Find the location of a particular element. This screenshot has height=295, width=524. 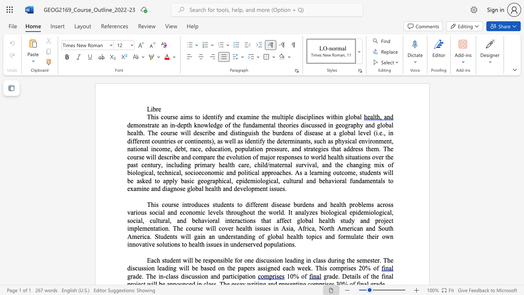

the 10th character "s" in the text is located at coordinates (292, 132).